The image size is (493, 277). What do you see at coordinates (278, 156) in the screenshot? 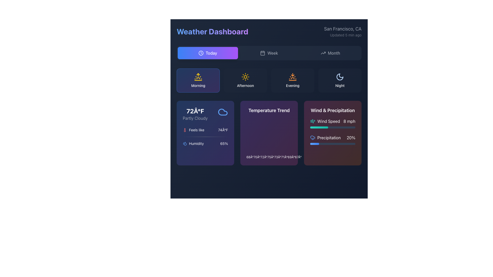
I see `the vertical bar element with a gradient color scheme transitioning from purple to pink, which indicates a temperature value of '73°'` at bounding box center [278, 156].